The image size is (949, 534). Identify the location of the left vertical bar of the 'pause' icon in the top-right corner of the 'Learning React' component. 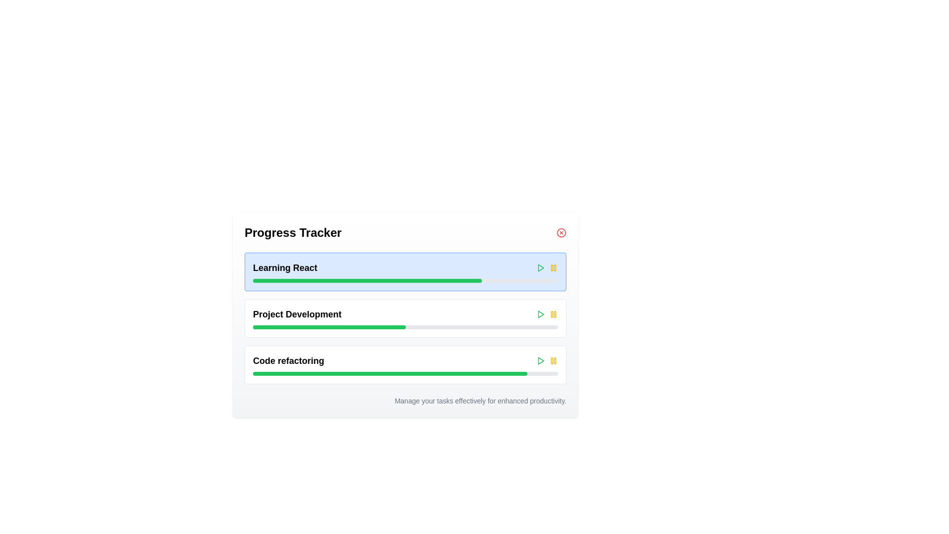
(552, 268).